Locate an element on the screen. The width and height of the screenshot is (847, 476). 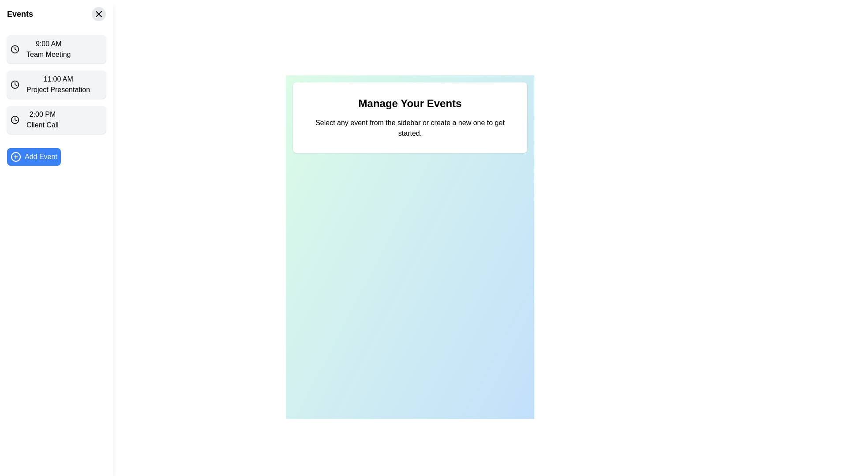
instructional text located below the heading 'Manage Your Events' in the white rectangular card is located at coordinates (409, 128).